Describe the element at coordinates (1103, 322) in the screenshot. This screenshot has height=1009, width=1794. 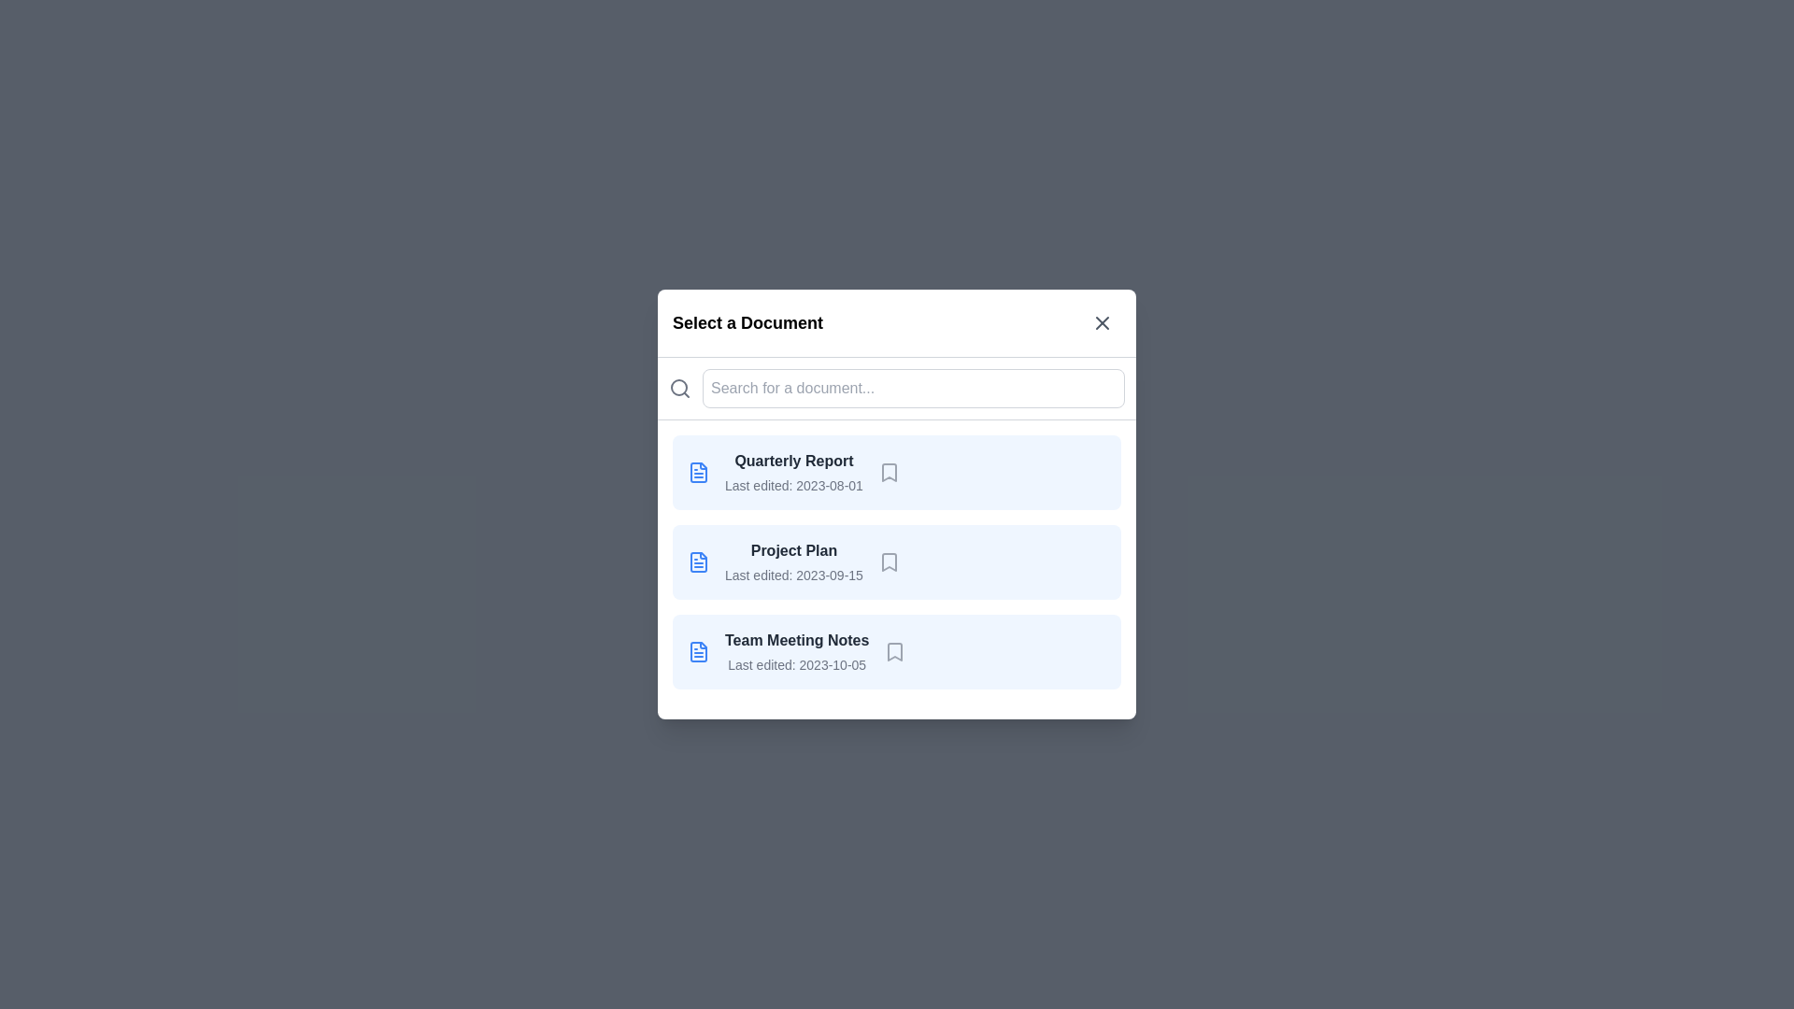
I see `the close button to close the dialog` at that location.